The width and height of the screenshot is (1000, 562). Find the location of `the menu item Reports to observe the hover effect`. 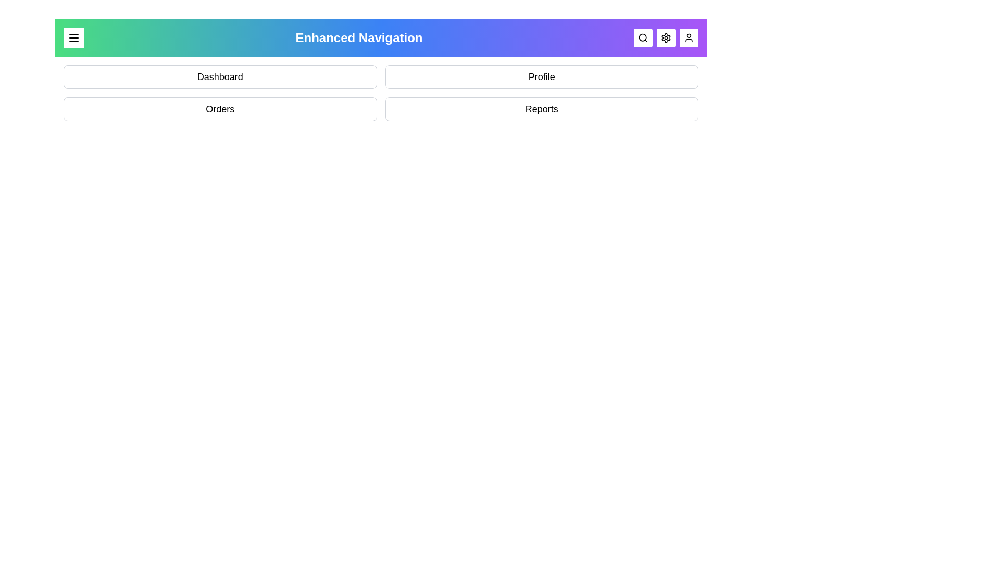

the menu item Reports to observe the hover effect is located at coordinates (542, 109).